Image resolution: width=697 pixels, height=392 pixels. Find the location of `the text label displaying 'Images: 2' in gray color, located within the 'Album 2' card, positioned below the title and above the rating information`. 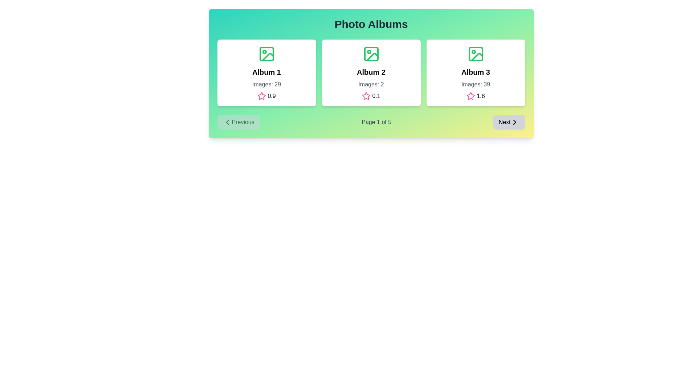

the text label displaying 'Images: 2' in gray color, located within the 'Album 2' card, positioned below the title and above the rating information is located at coordinates (371, 84).